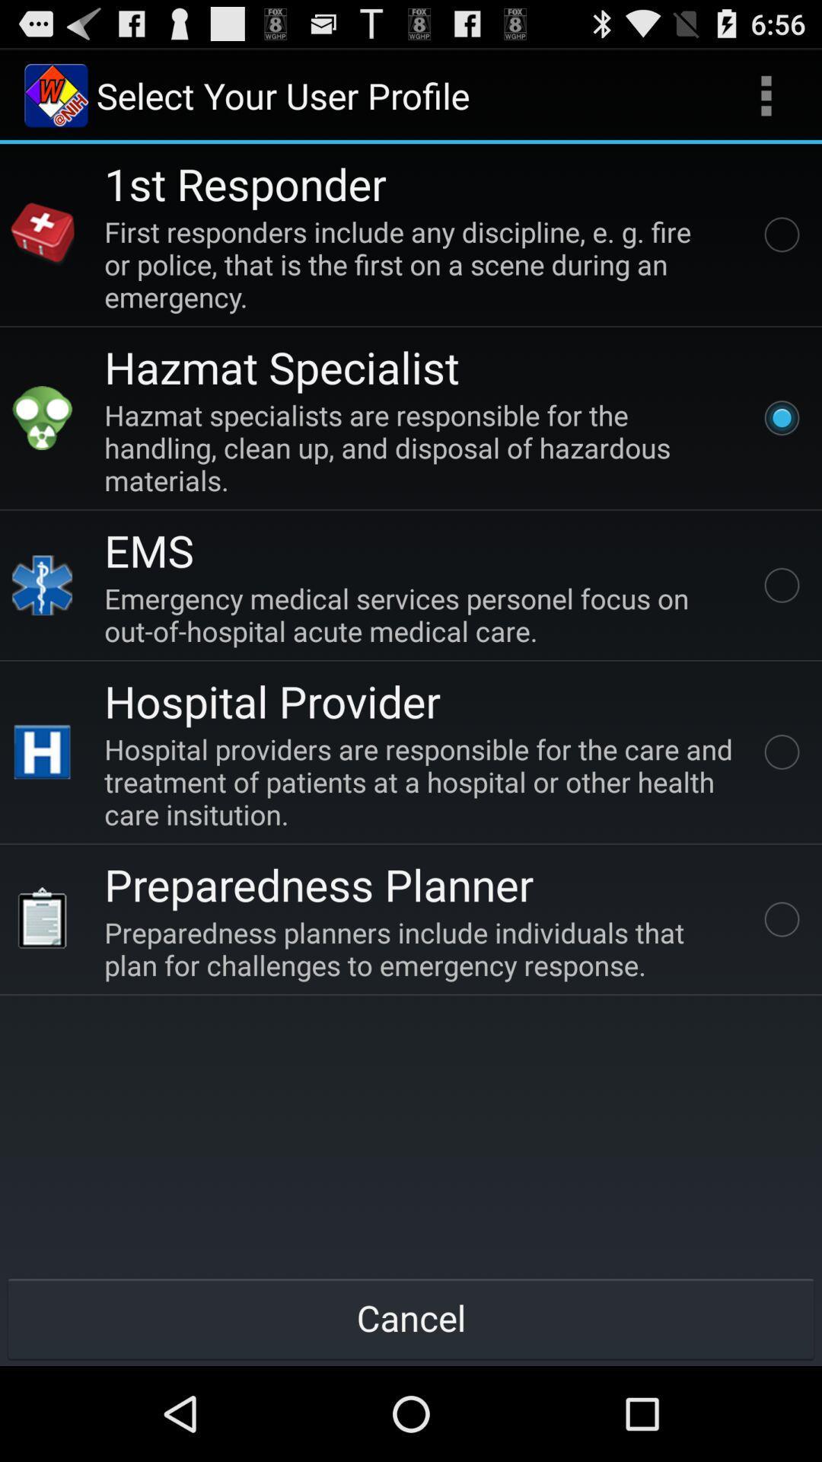  I want to click on item above the preparedness planner, so click(422, 781).